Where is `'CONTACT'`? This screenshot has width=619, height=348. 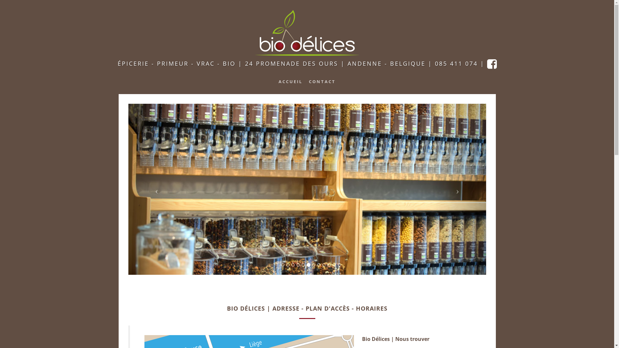
'CONTACT' is located at coordinates (322, 81).